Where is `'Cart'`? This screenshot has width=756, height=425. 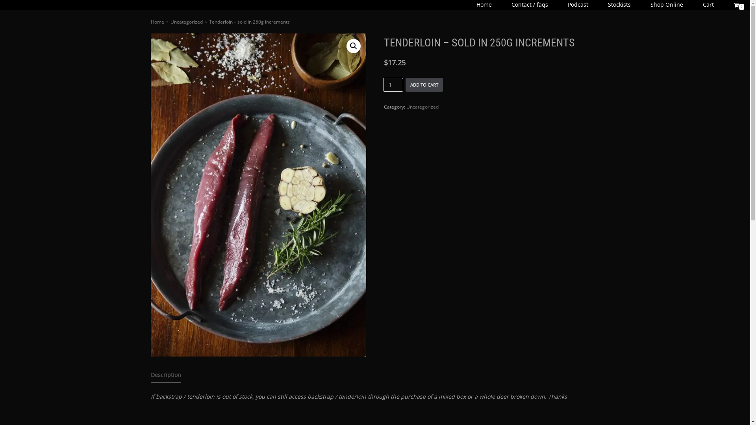
'Cart' is located at coordinates (708, 5).